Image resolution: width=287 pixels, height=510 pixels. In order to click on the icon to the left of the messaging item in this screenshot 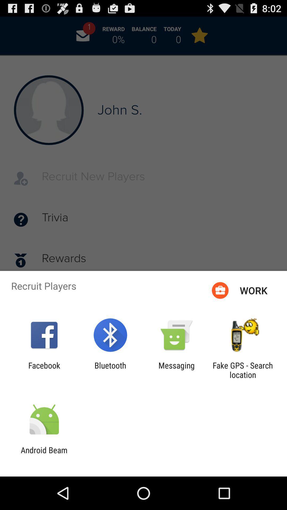, I will do `click(110, 370)`.